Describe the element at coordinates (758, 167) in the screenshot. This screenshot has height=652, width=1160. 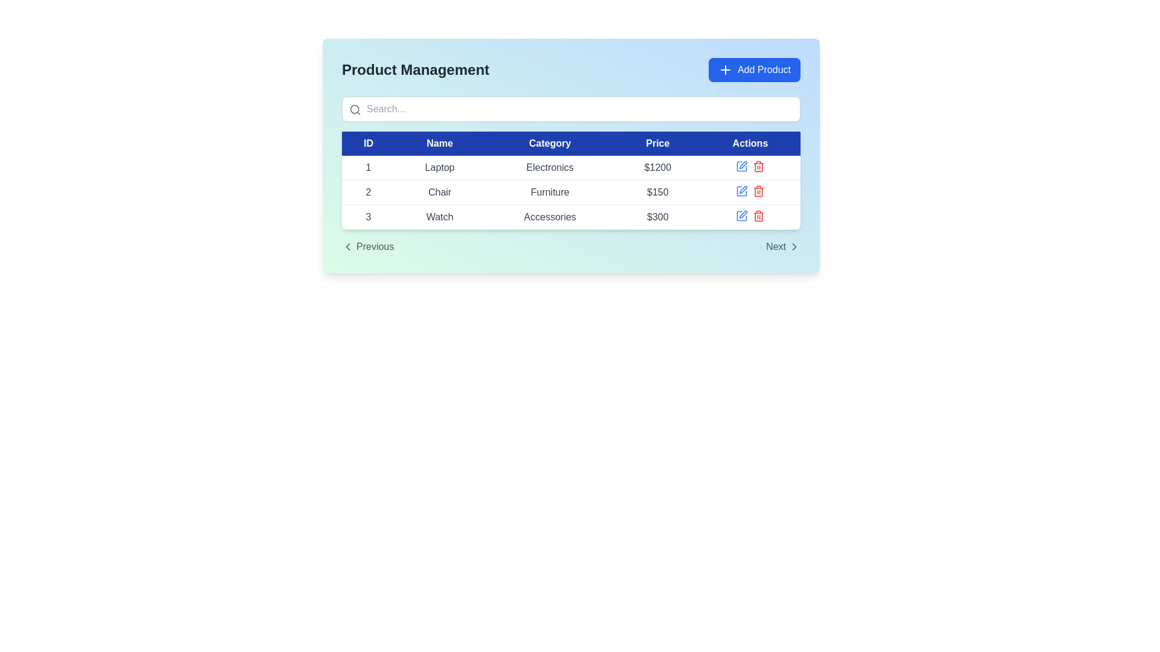
I see `the delete icon button located in the second column of the 'Actions' row` at that location.